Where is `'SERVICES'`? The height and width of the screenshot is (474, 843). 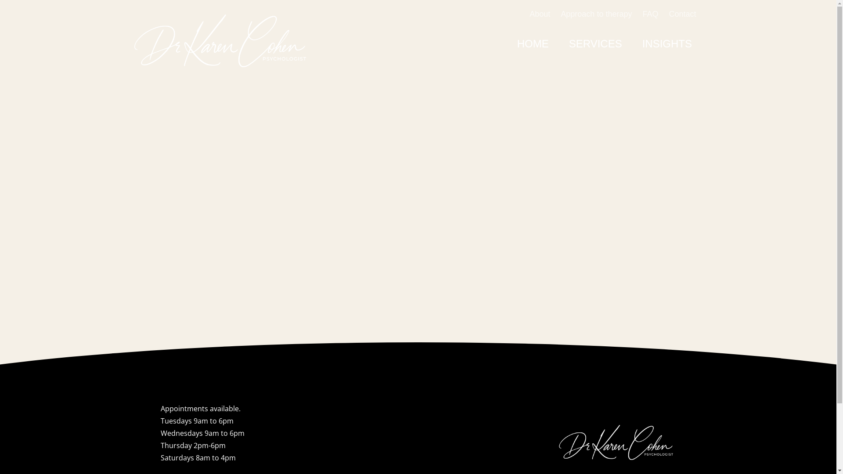 'SERVICES' is located at coordinates (558, 44).